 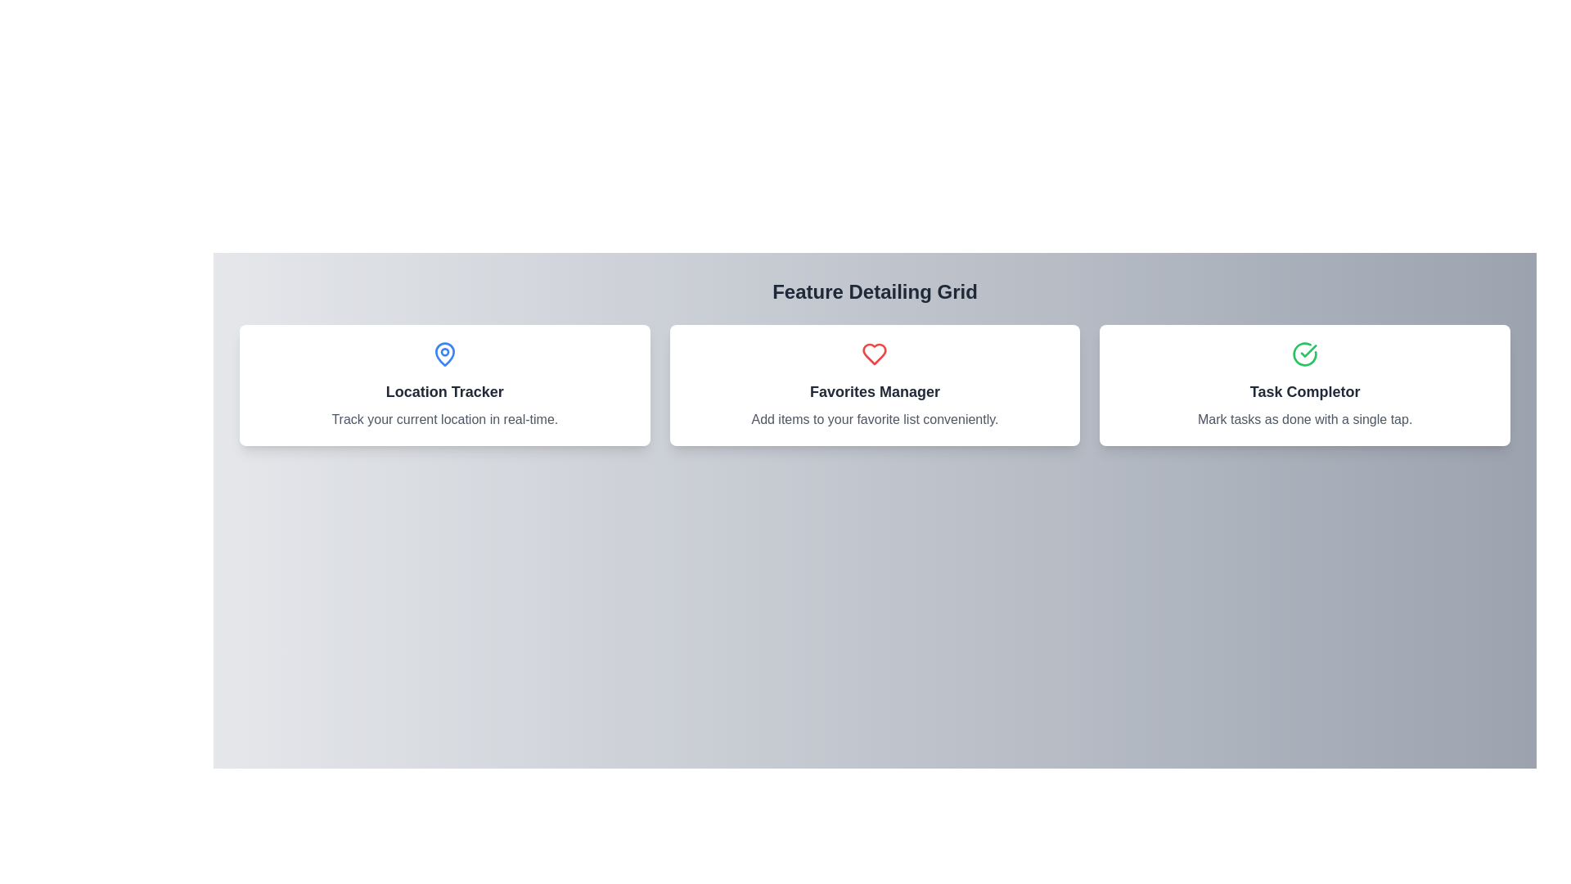 I want to click on the 'Favorites Manager' icon located at the top part of the 'Favorites Manager' card, which is centered horizontally and positioned above the descriptive text, so click(x=874, y=353).